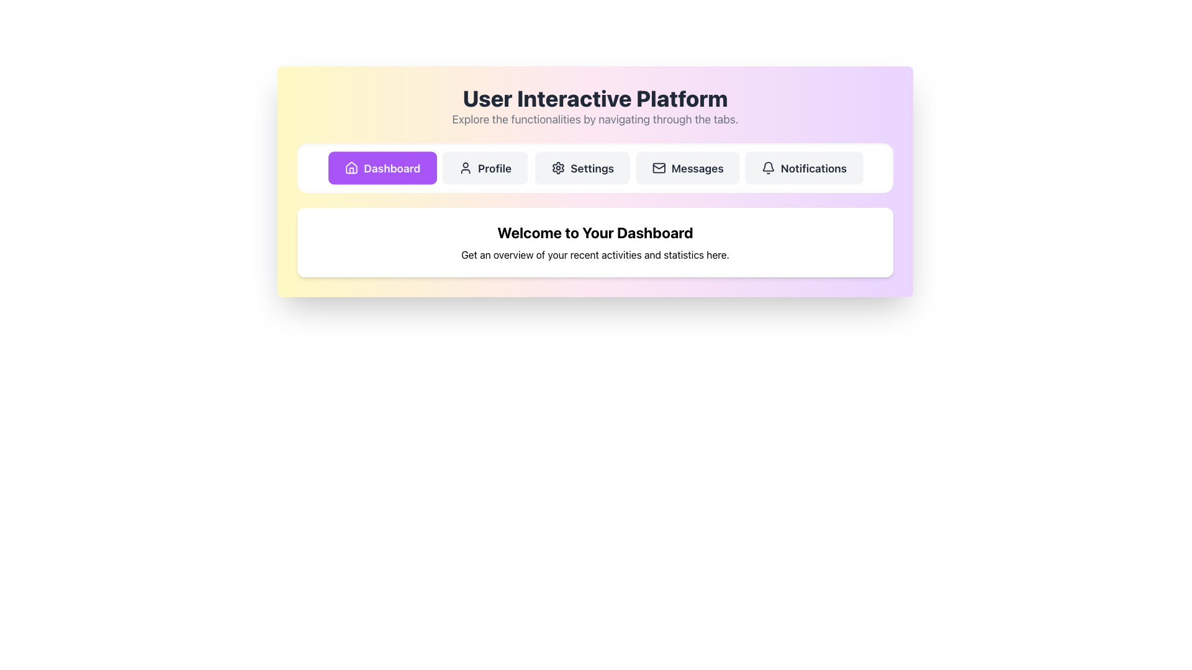  I want to click on the surrounding area of the 'Notifications' text label in the navigation bar, so click(813, 167).